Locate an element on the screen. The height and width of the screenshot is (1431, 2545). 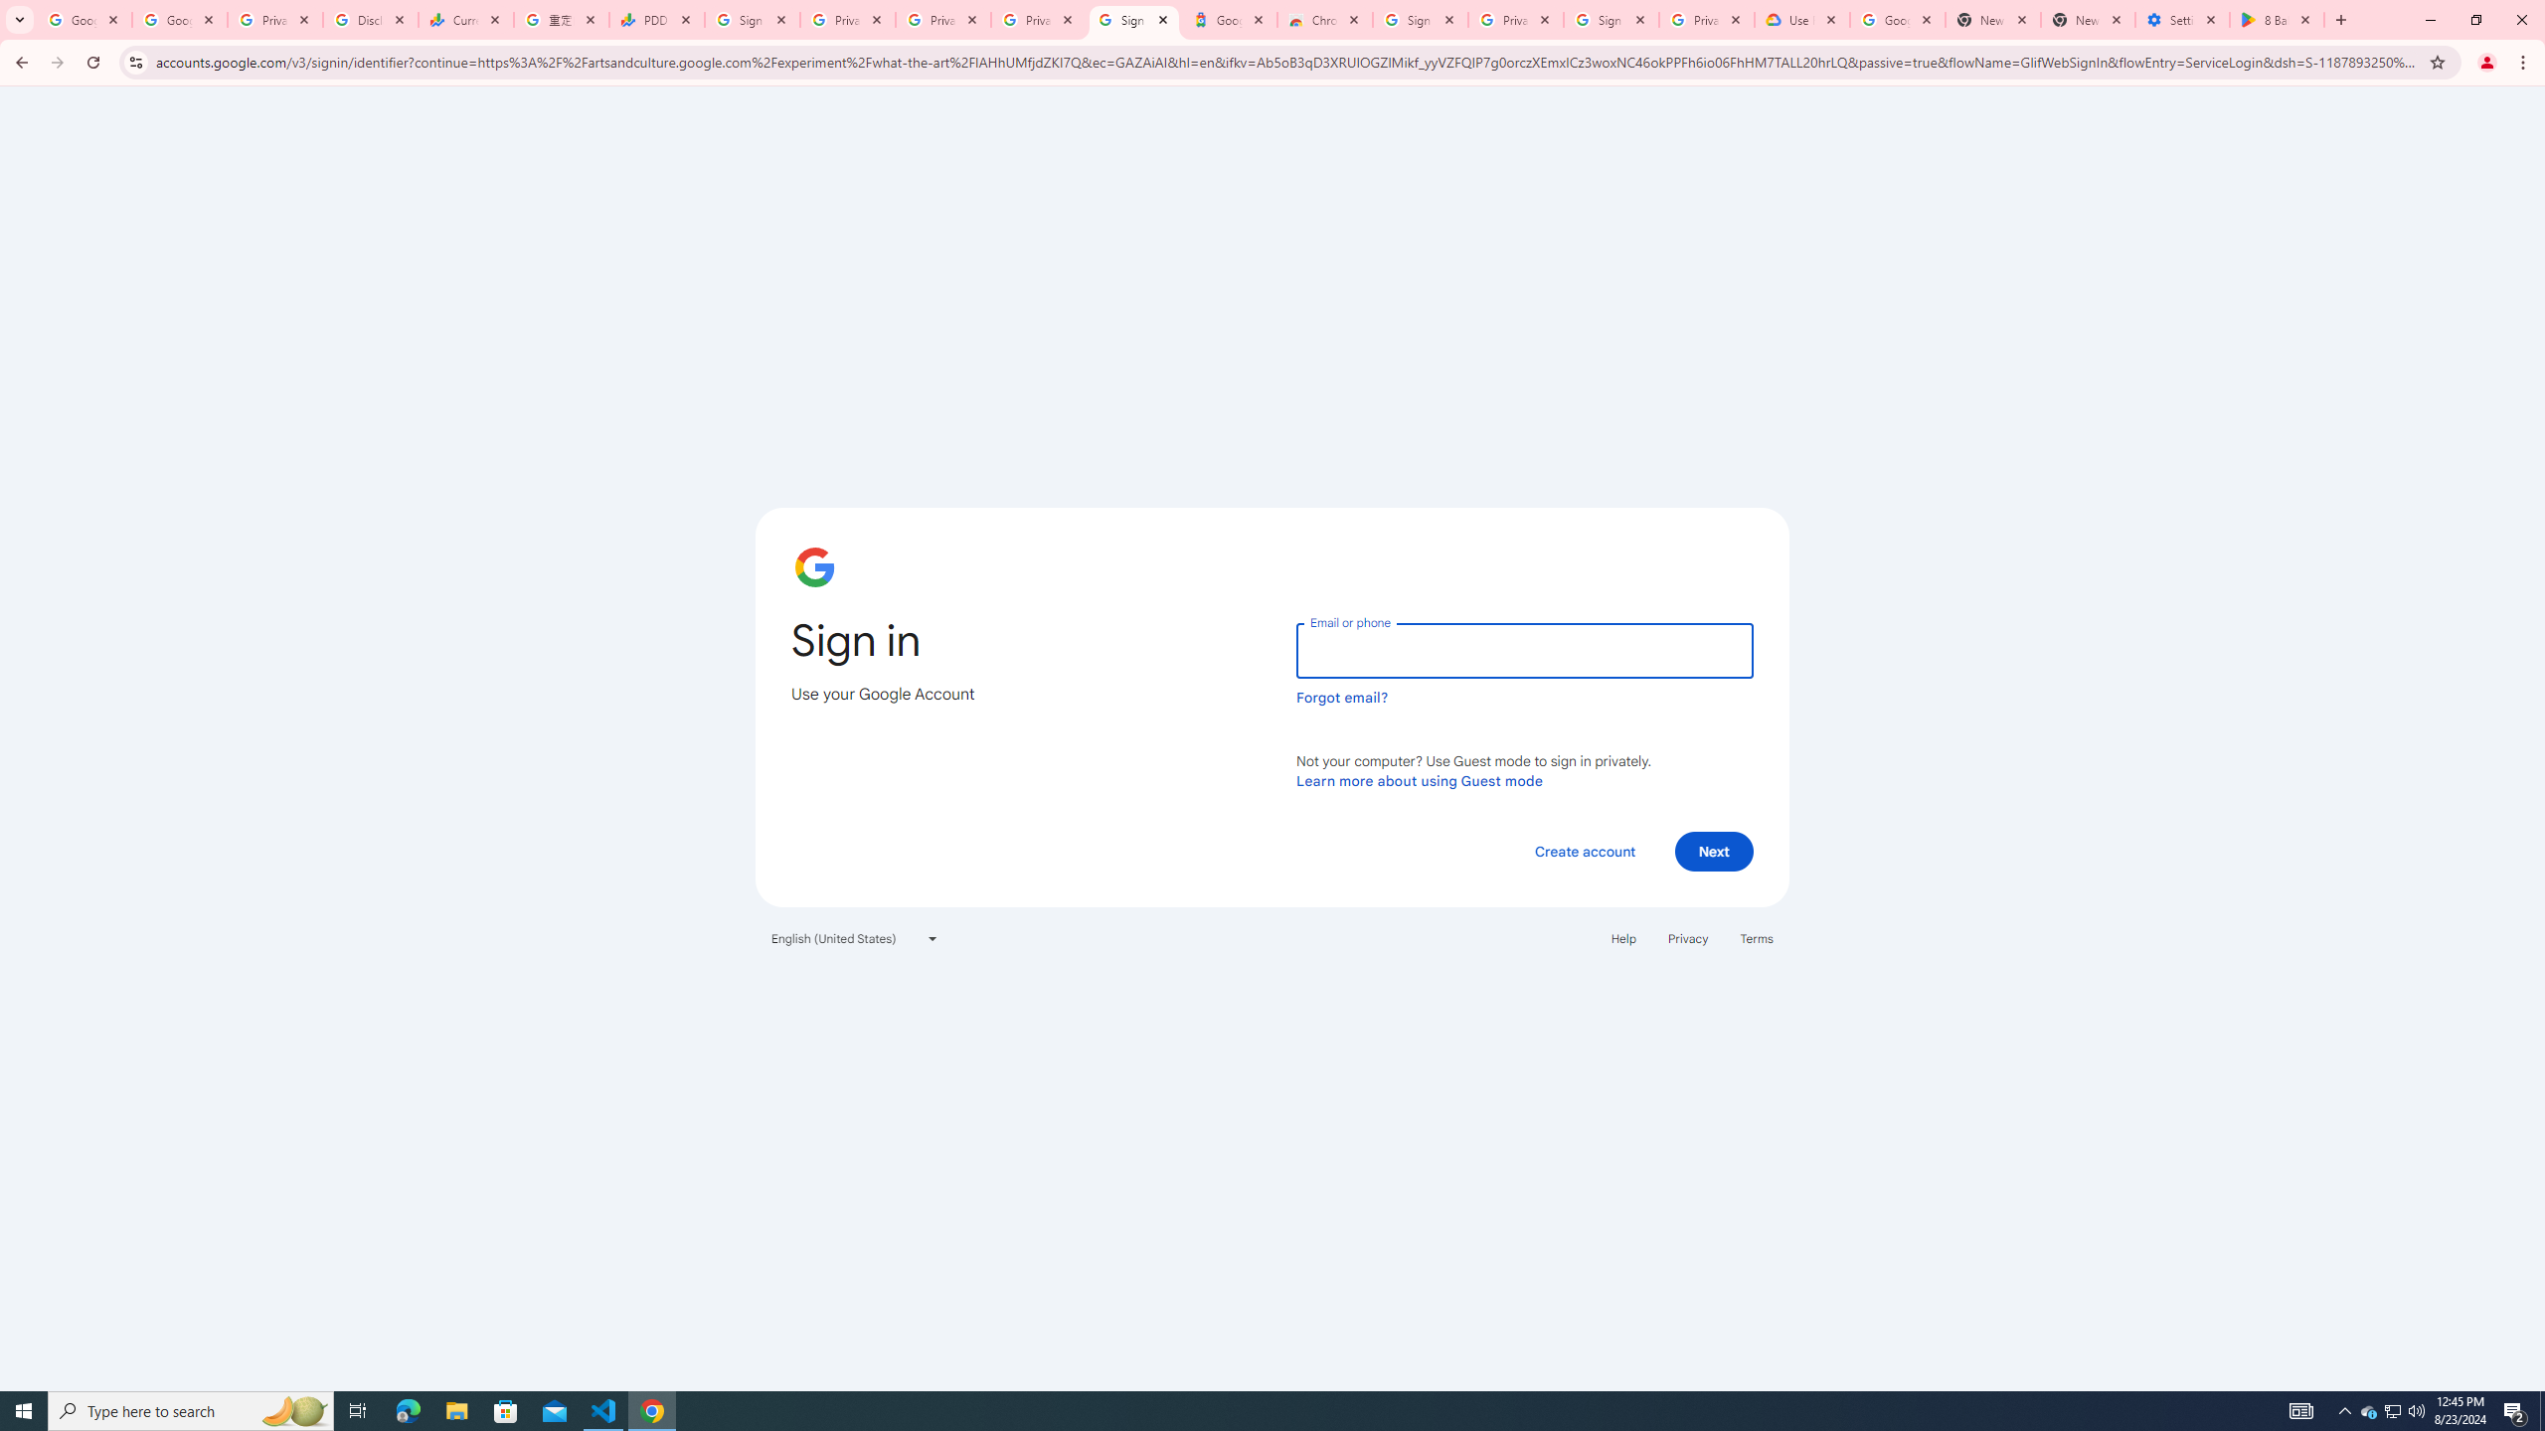
'Settings - System' is located at coordinates (2183, 19).